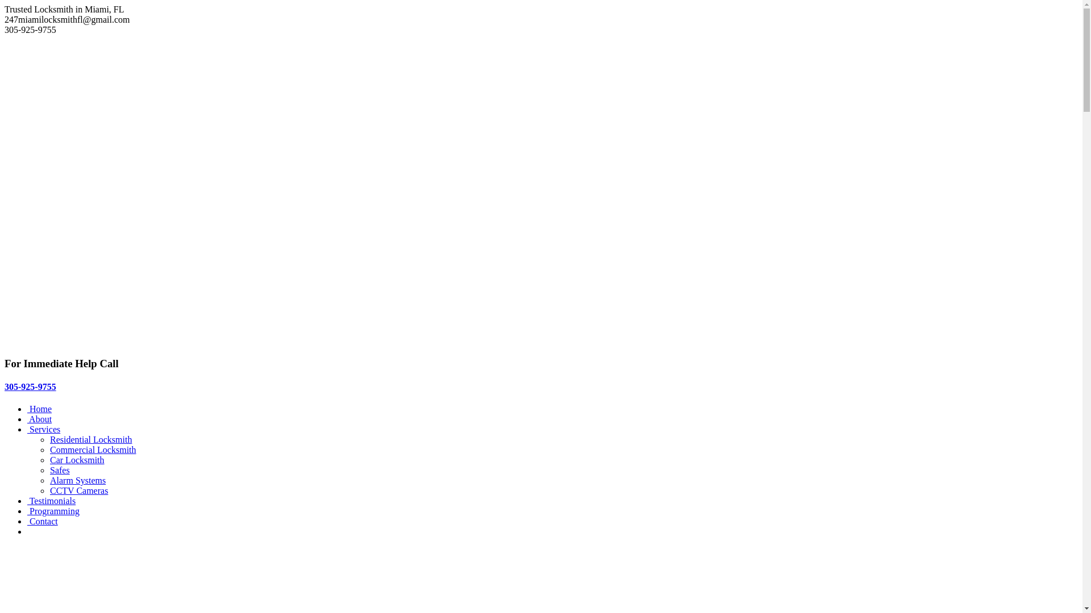  Describe the element at coordinates (49, 490) in the screenshot. I see `'CCTV Cameras'` at that location.